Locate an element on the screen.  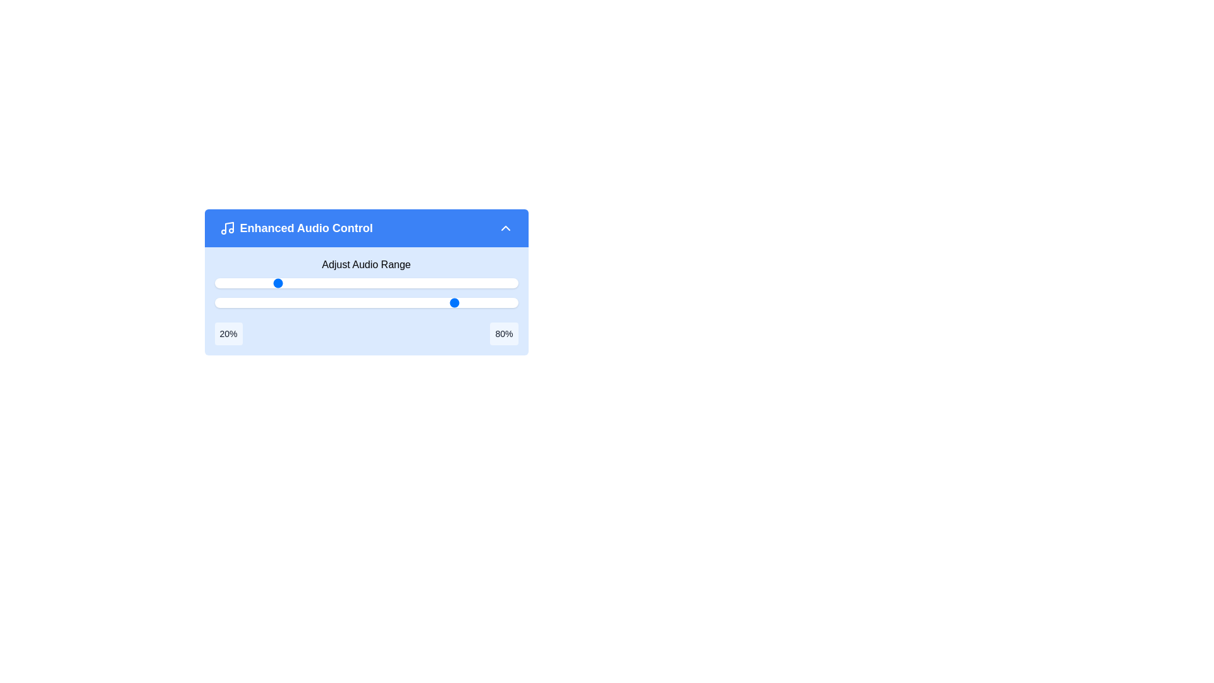
the music note icon with a white color and blue background, located in the top-left corner of the 'Enhanced Audio Control' interface is located at coordinates (227, 228).